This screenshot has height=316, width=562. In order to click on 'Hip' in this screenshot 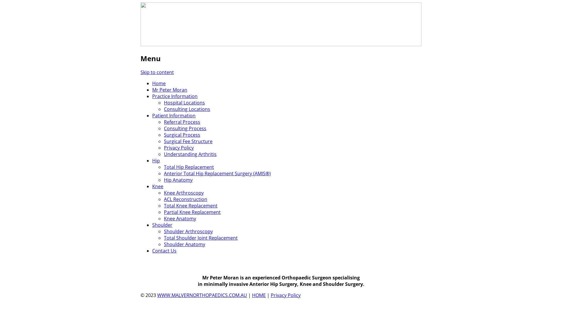, I will do `click(152, 160)`.